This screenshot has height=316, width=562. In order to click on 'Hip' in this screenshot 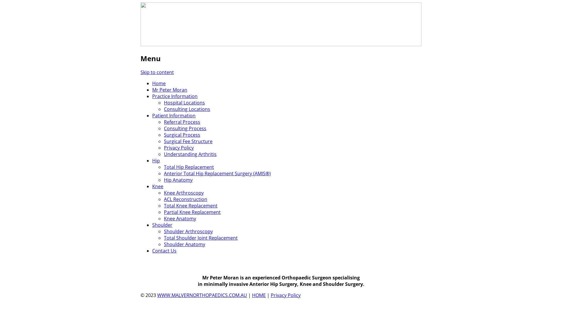, I will do `click(152, 160)`.